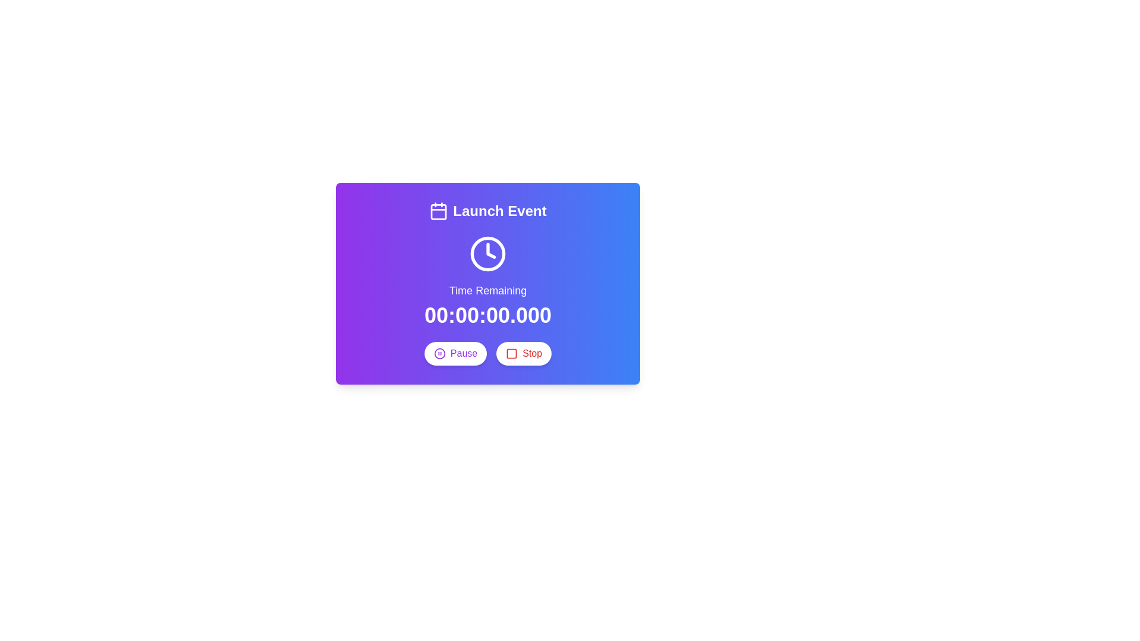 The image size is (1140, 641). Describe the element at coordinates (487, 210) in the screenshot. I see `the 'Launch Event' text display with a calendar icon` at that location.